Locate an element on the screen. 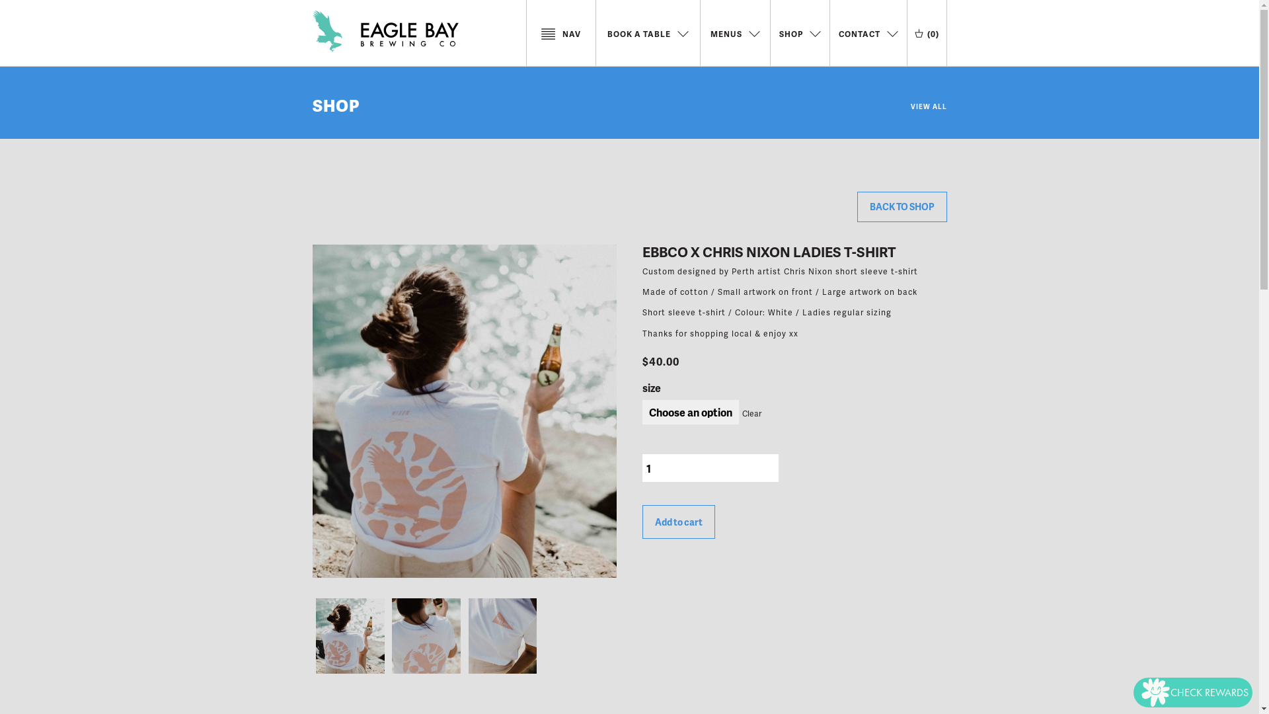  'EBB Ladies (13 of 54)' is located at coordinates (388, 635).